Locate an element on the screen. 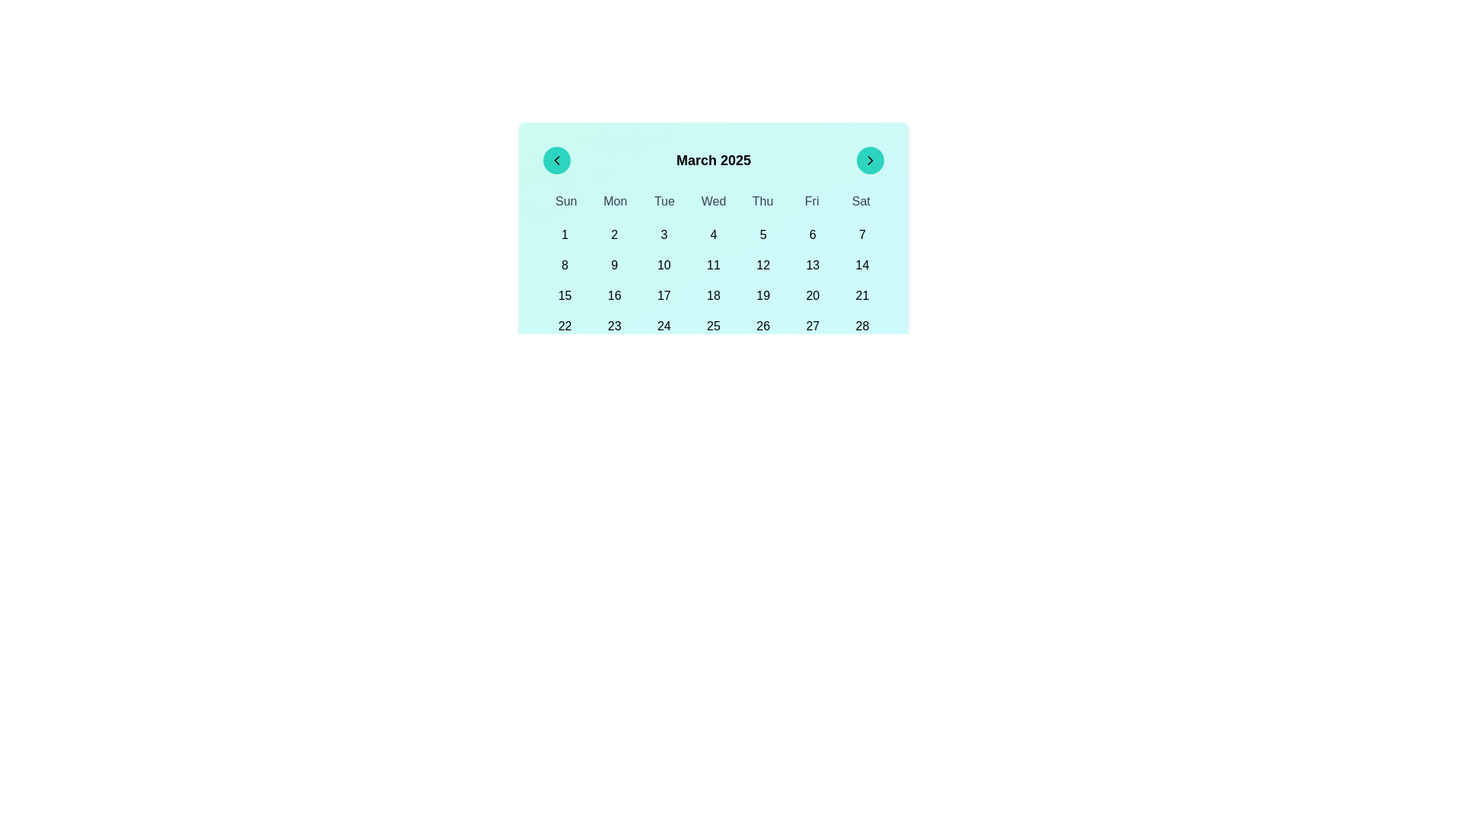 The width and height of the screenshot is (1461, 822). the static text element representing the abbreviation for Sunday, which is the first element in a grid of days of the week is located at coordinates (565, 201).